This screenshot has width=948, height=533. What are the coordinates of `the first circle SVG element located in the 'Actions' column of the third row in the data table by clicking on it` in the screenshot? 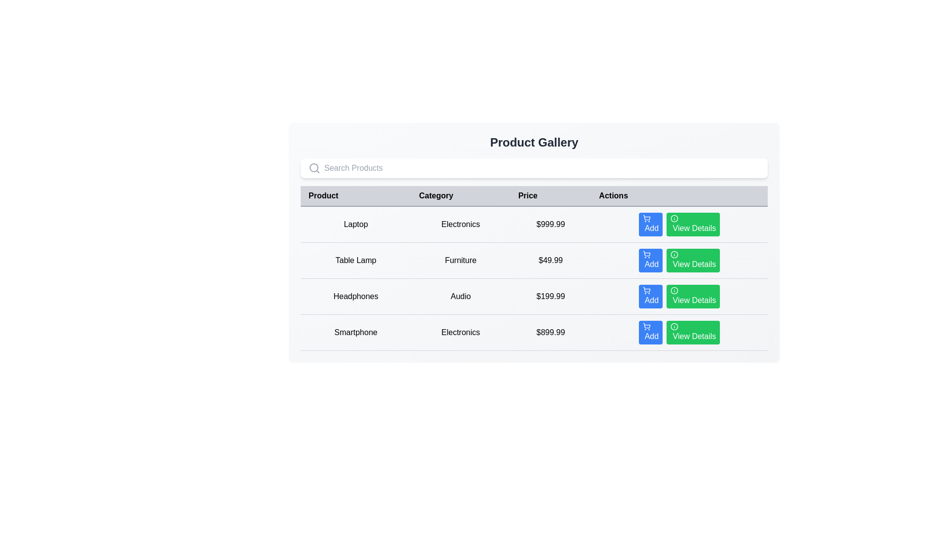 It's located at (674, 290).